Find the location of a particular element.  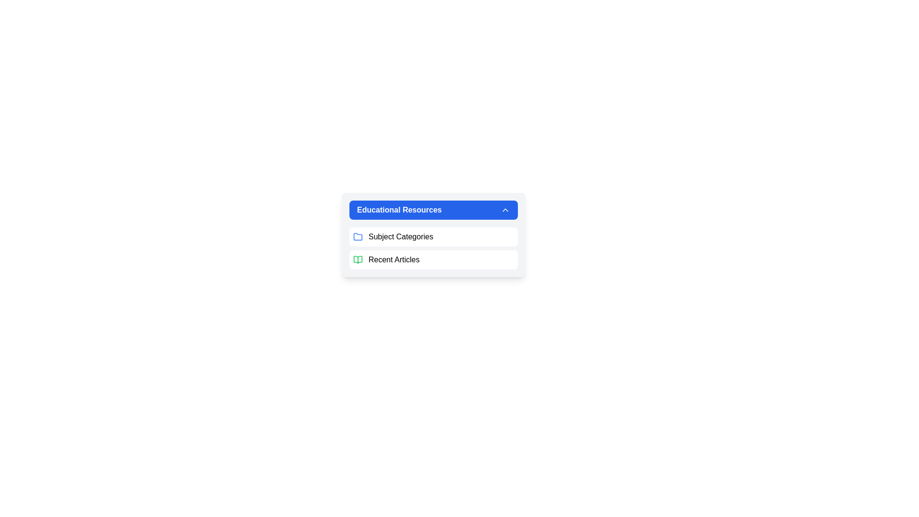

the top item of the vertical list under 'Educational Resources', which serves as a navigation button for 'Subject Categories' is located at coordinates (433, 236).